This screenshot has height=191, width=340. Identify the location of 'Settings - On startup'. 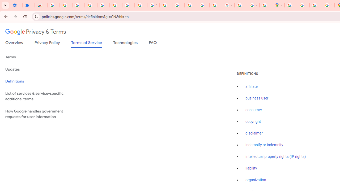
(16, 5).